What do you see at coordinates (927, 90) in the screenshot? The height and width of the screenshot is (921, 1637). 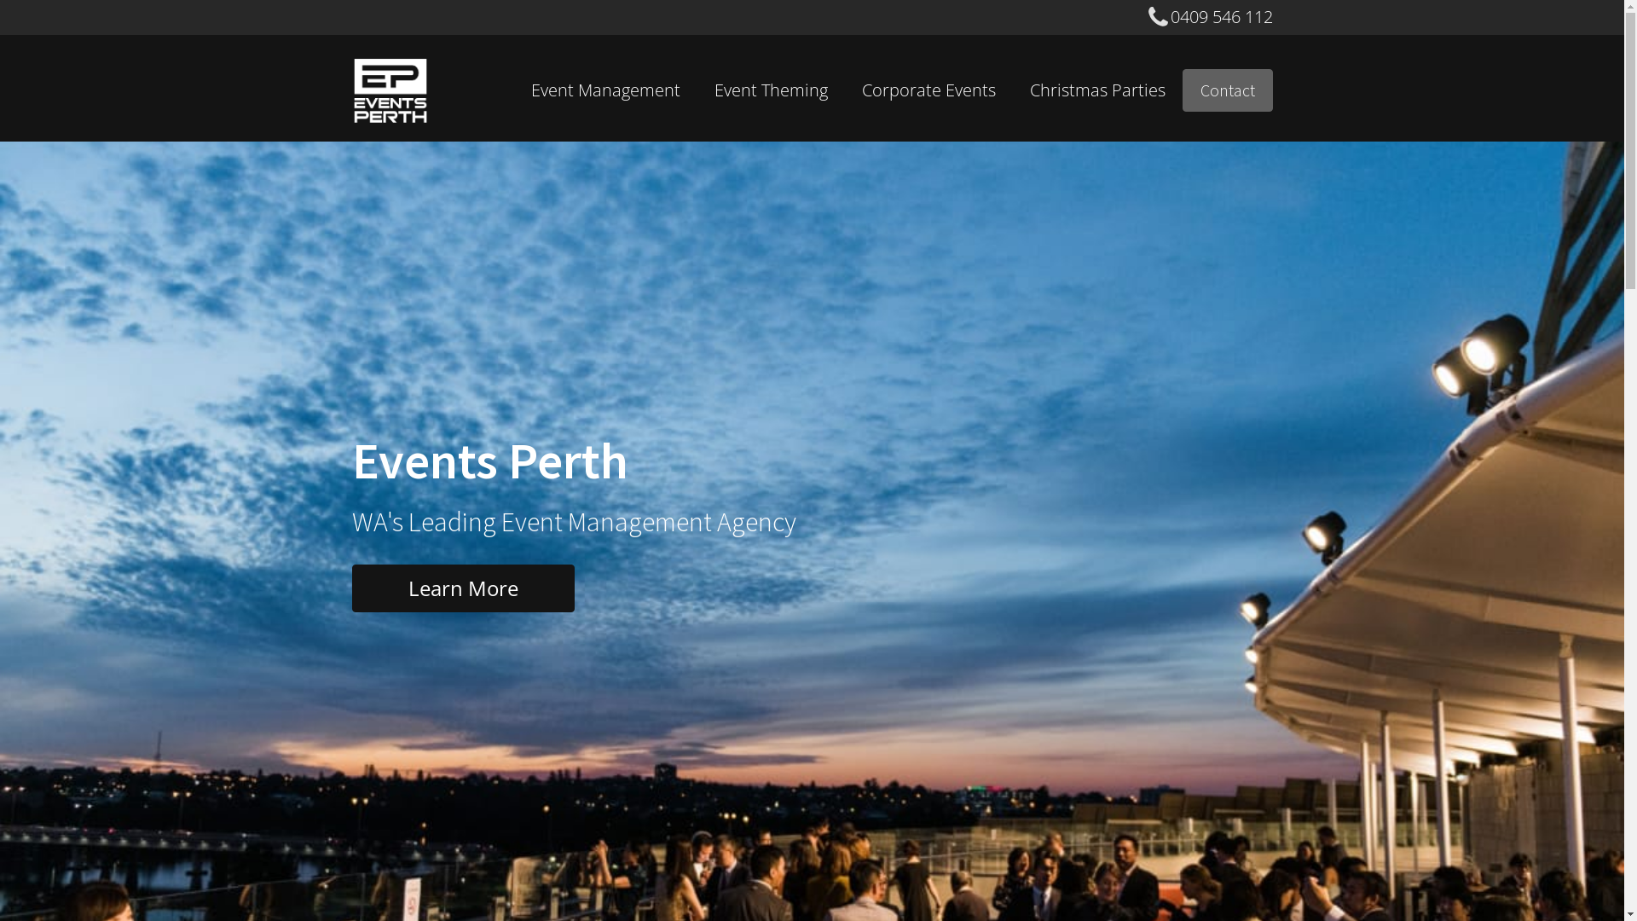 I see `'Corporate Events'` at bounding box center [927, 90].